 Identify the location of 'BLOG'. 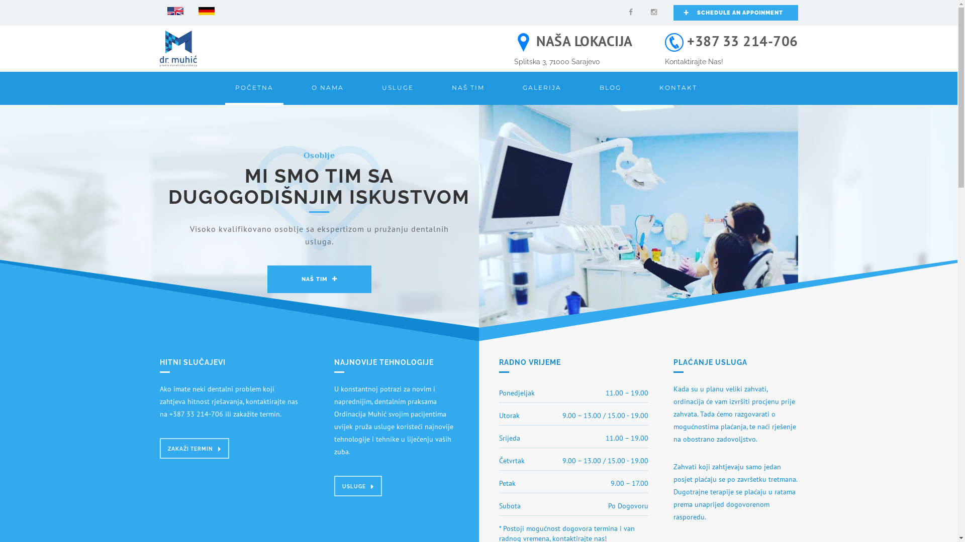
(609, 88).